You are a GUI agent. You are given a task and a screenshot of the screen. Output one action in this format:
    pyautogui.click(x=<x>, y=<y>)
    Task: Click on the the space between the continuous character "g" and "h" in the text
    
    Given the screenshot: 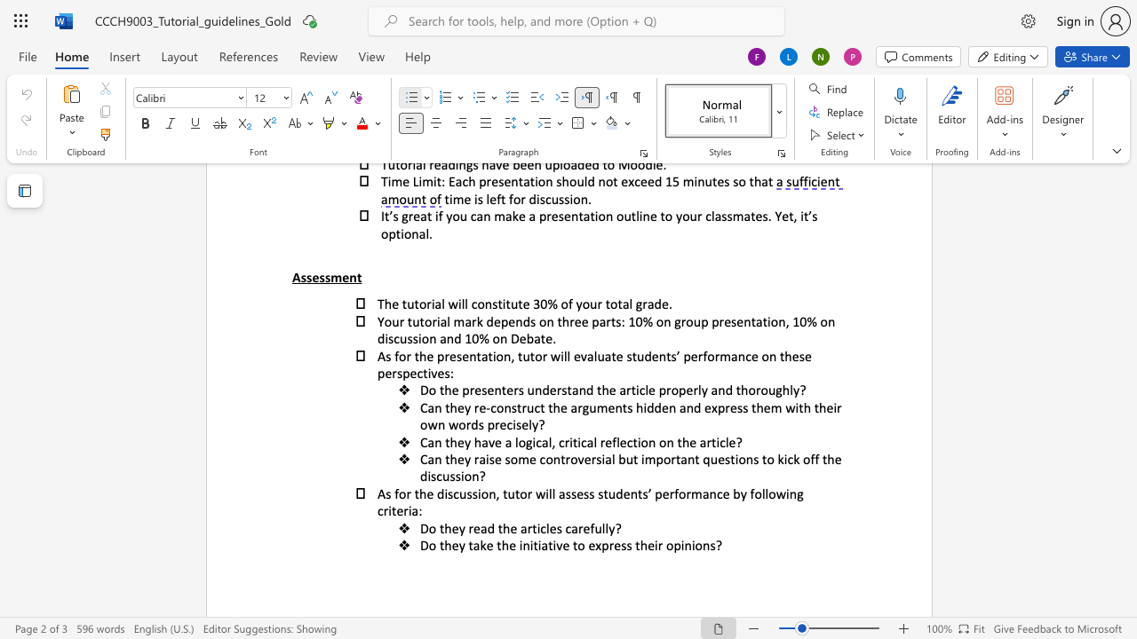 What is the action you would take?
    pyautogui.click(x=782, y=389)
    